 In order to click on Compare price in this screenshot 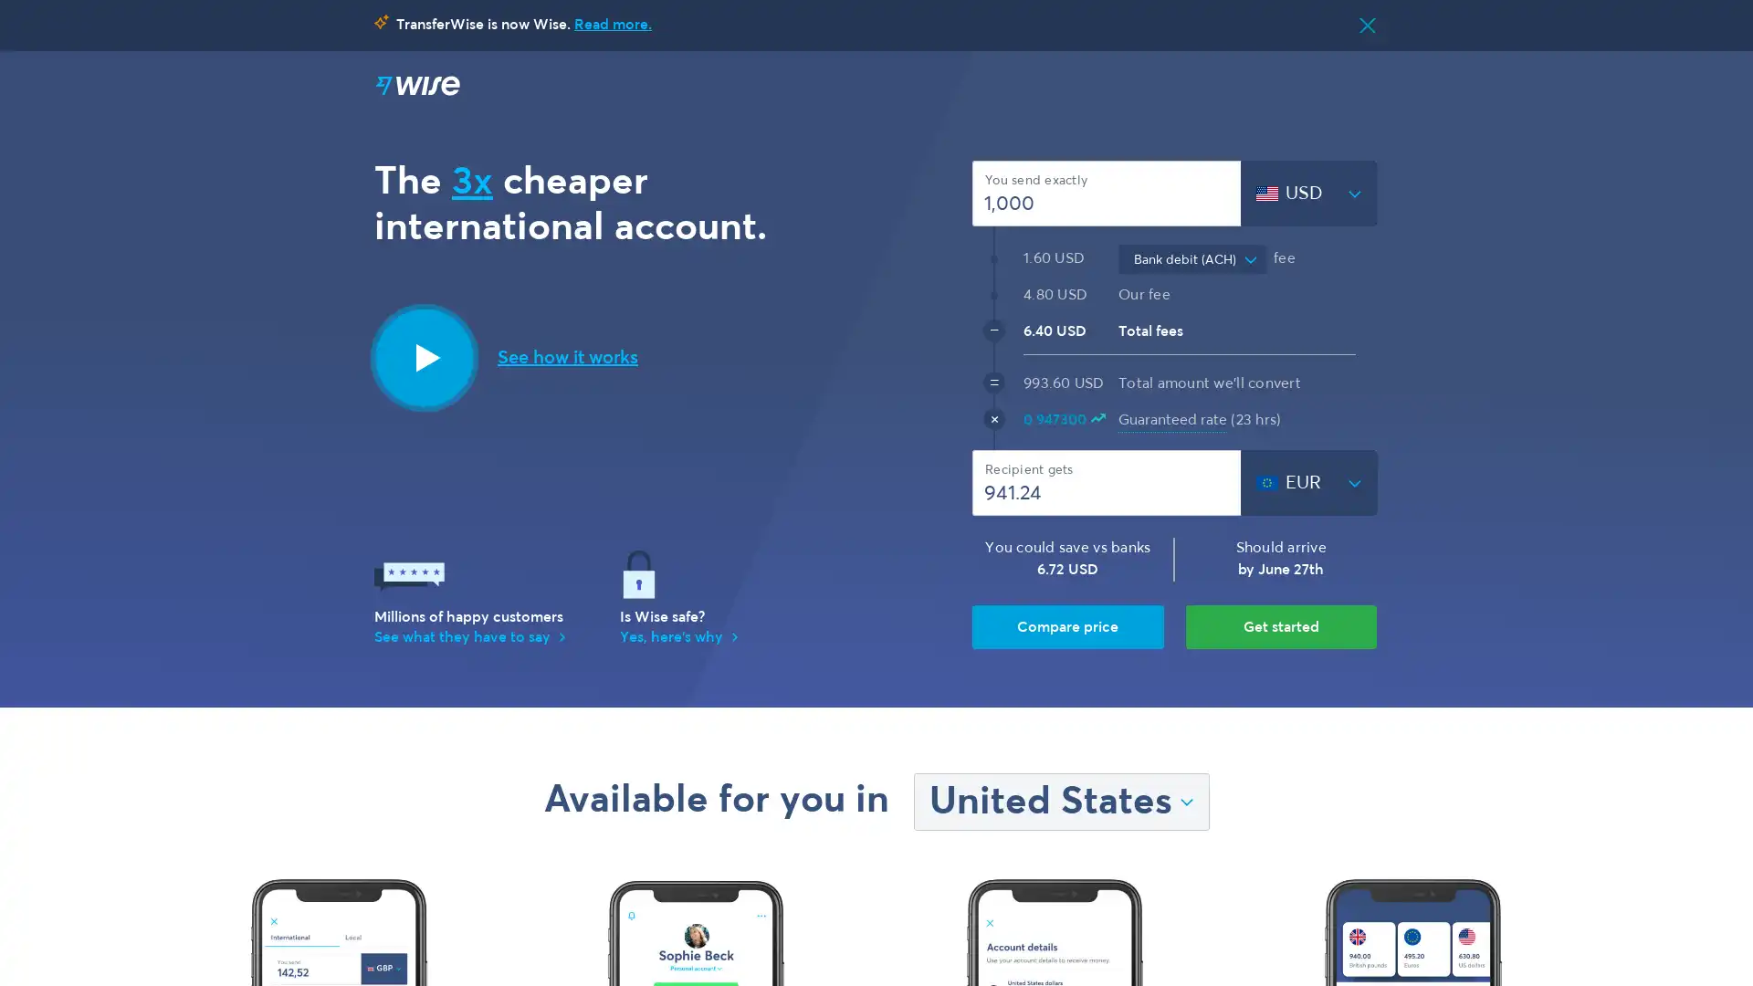, I will do `click(1067, 625)`.